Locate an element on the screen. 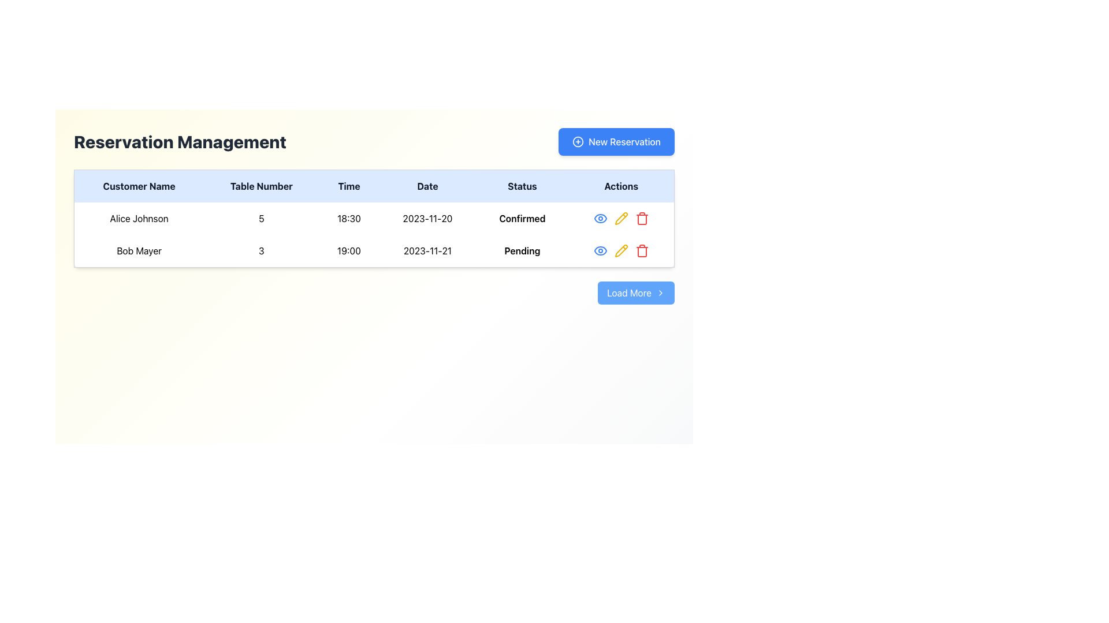 The image size is (1109, 623). the title text label that indicates the purpose of the page for managing reservations, located in the upper-left corner of the interface is located at coordinates (180, 141).